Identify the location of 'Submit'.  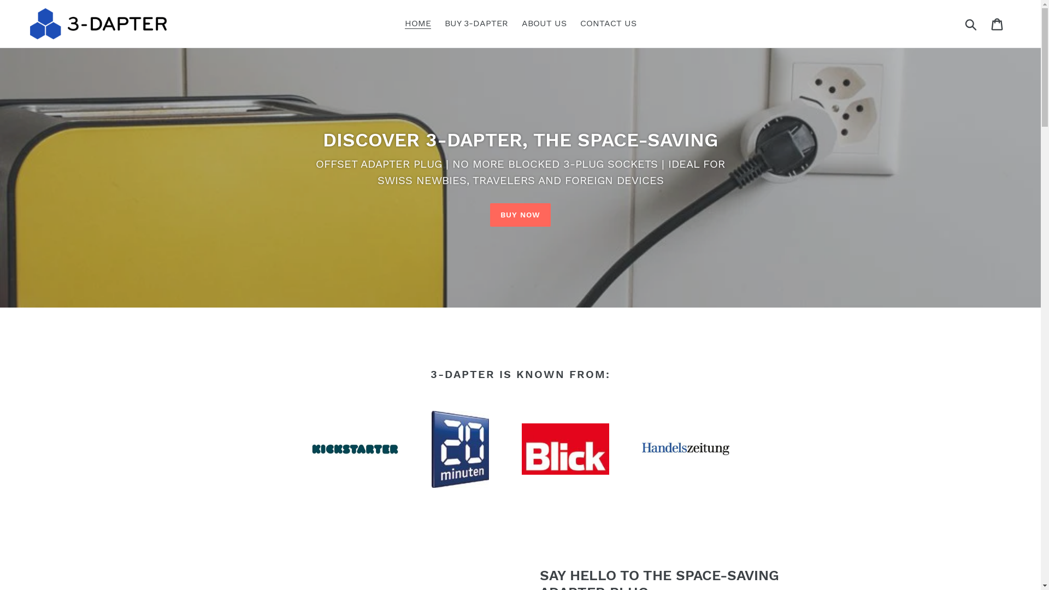
(971, 23).